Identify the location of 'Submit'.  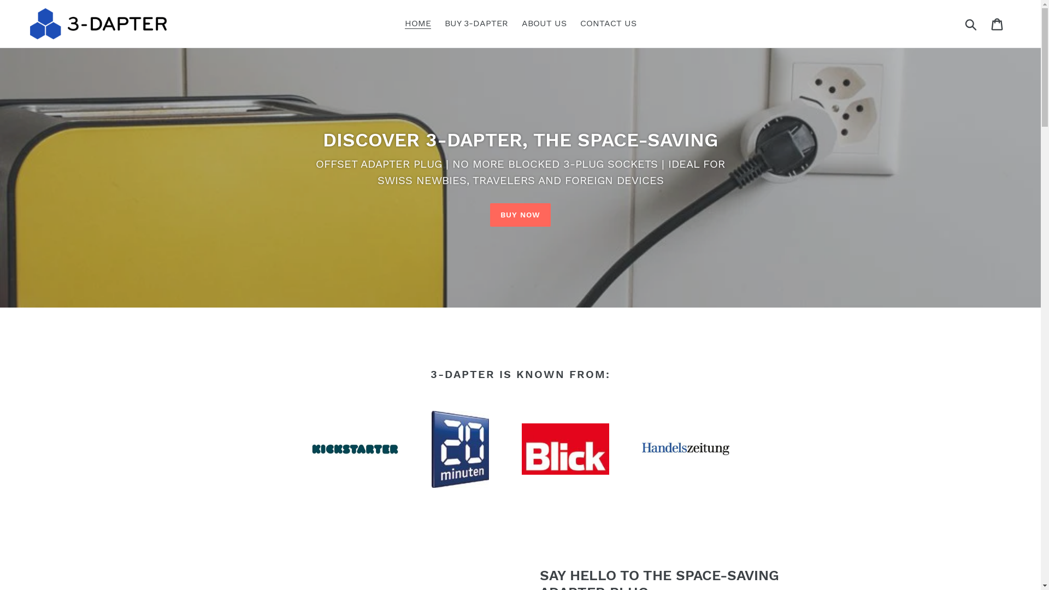
(971, 23).